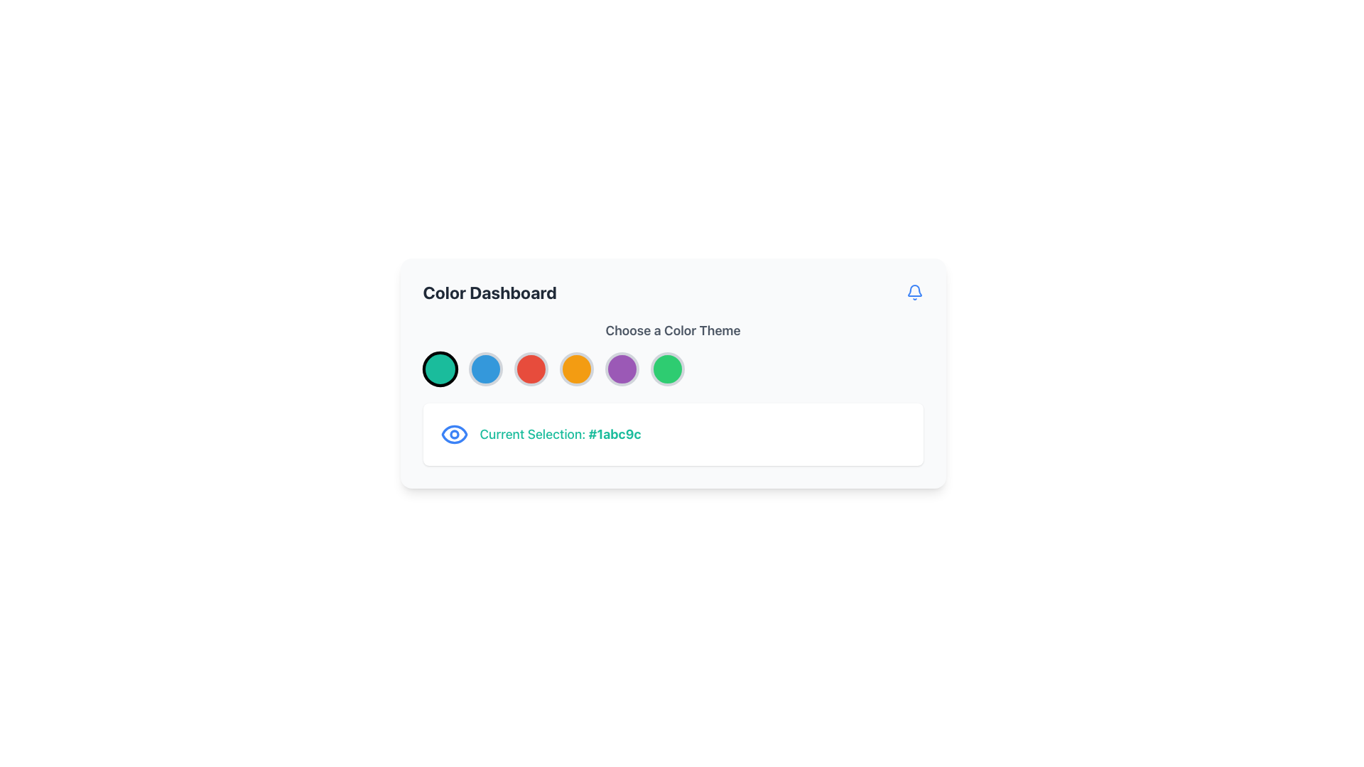 This screenshot has width=1364, height=767. What do you see at coordinates (453, 434) in the screenshot?
I see `the blue eye icon located on the left side of the section labeled 'Current Selection: #1abc9c' within a white rounded rectangle box` at bounding box center [453, 434].